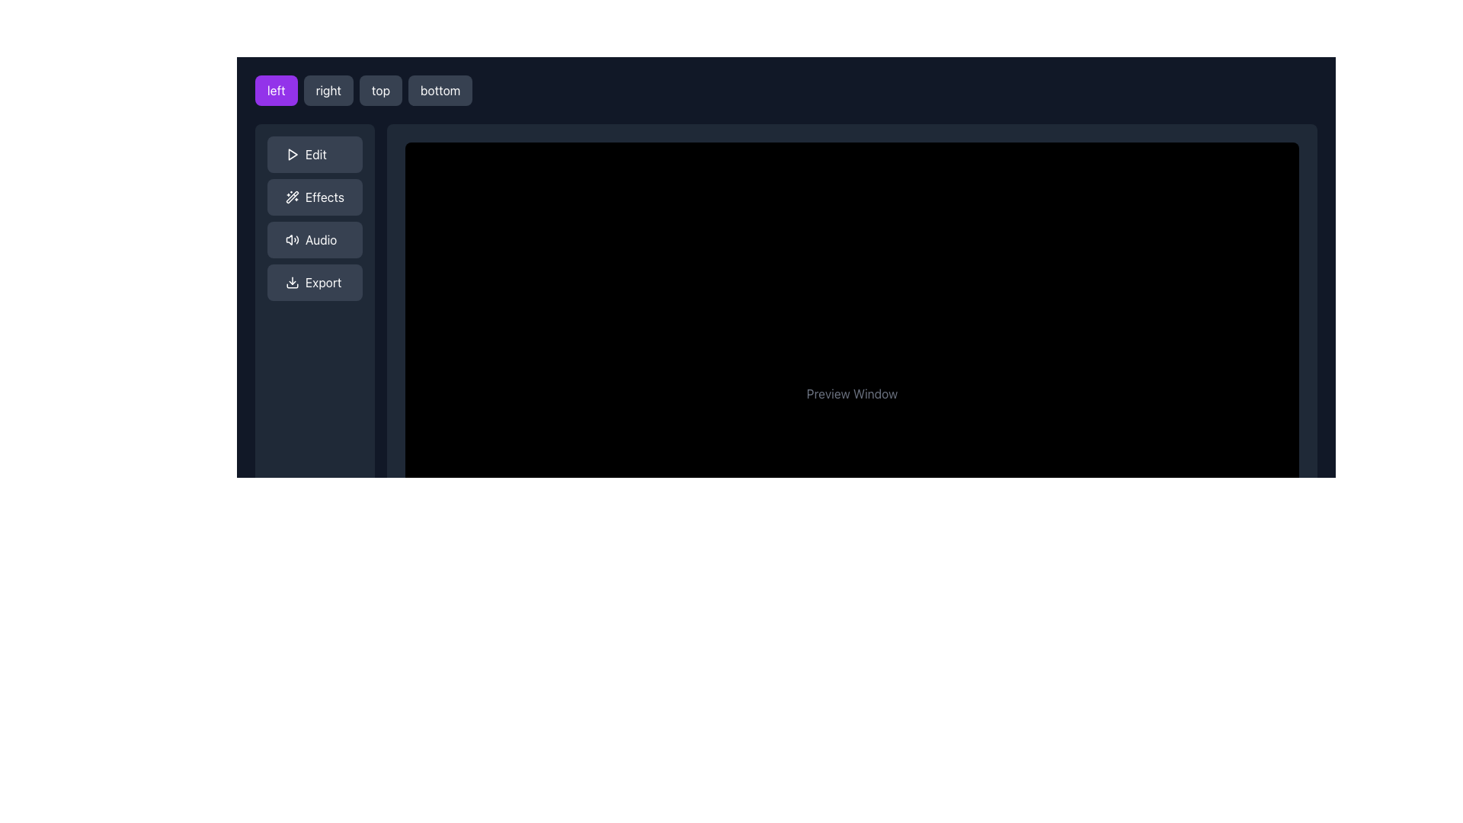 This screenshot has height=823, width=1463. Describe the element at coordinates (276, 91) in the screenshot. I see `the 'left' button, which is the first in a group of directional buttons located in the upper left area of the interface` at that location.